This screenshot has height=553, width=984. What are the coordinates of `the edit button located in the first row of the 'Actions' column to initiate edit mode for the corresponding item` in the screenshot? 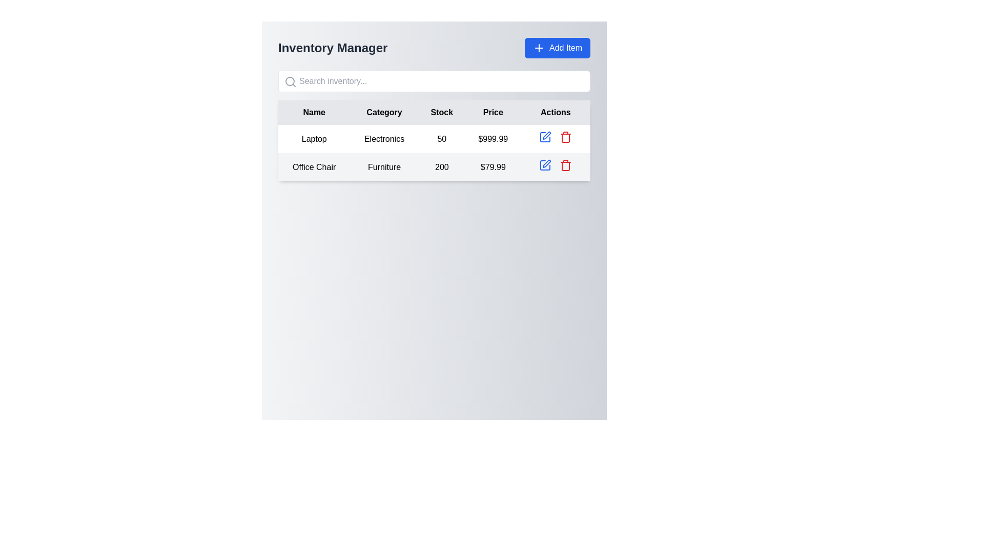 It's located at (545, 136).